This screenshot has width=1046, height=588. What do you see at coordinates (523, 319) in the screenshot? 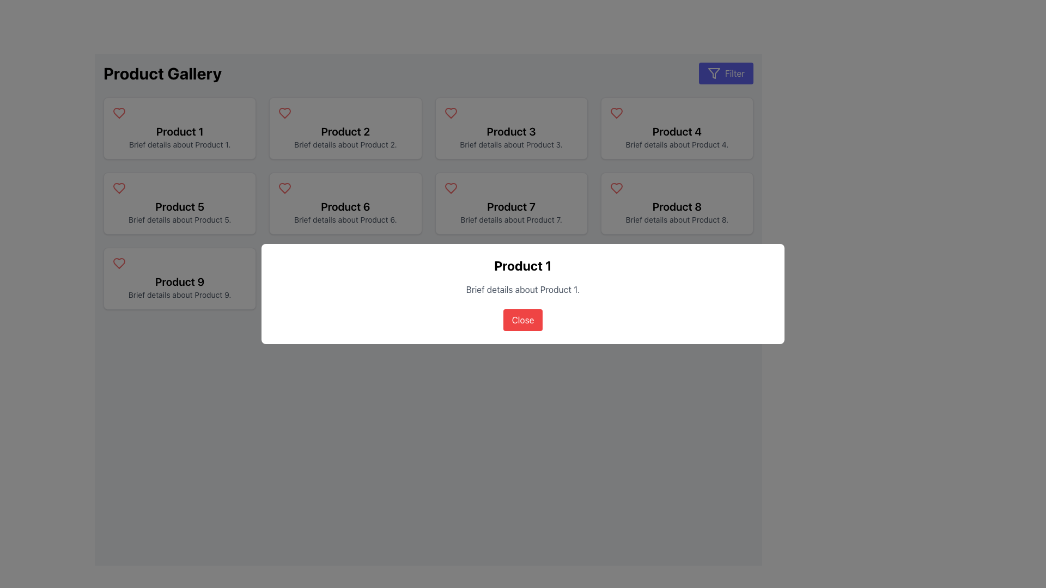
I see `the close button located at the bottom-center of the modal dialog box titled 'Product 1'` at bounding box center [523, 319].